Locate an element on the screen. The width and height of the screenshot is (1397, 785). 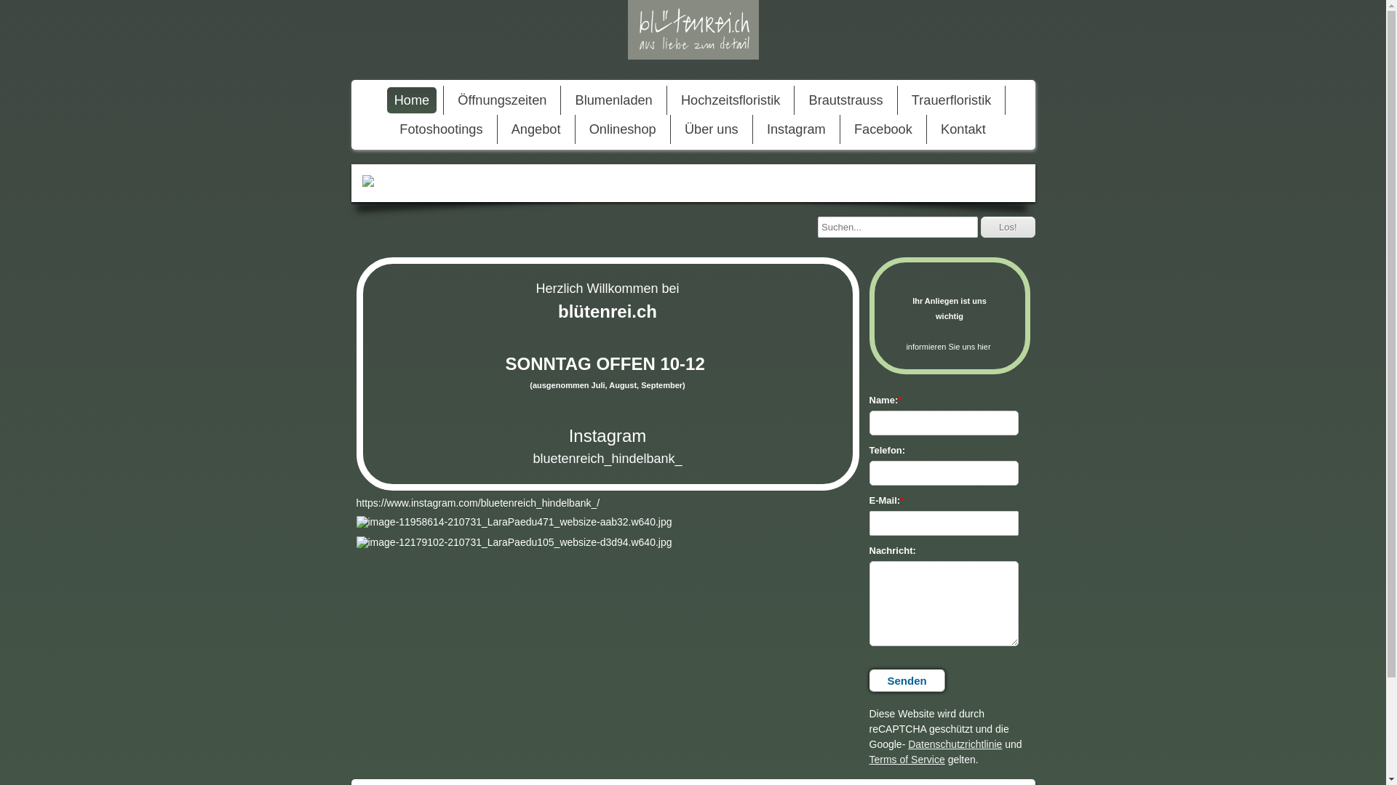
'Terms of Service' is located at coordinates (906, 759).